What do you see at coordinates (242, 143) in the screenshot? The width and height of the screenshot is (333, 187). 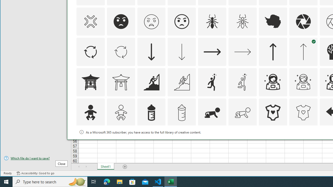 I see `'AutomationID: Icons_Badge4'` at bounding box center [242, 143].